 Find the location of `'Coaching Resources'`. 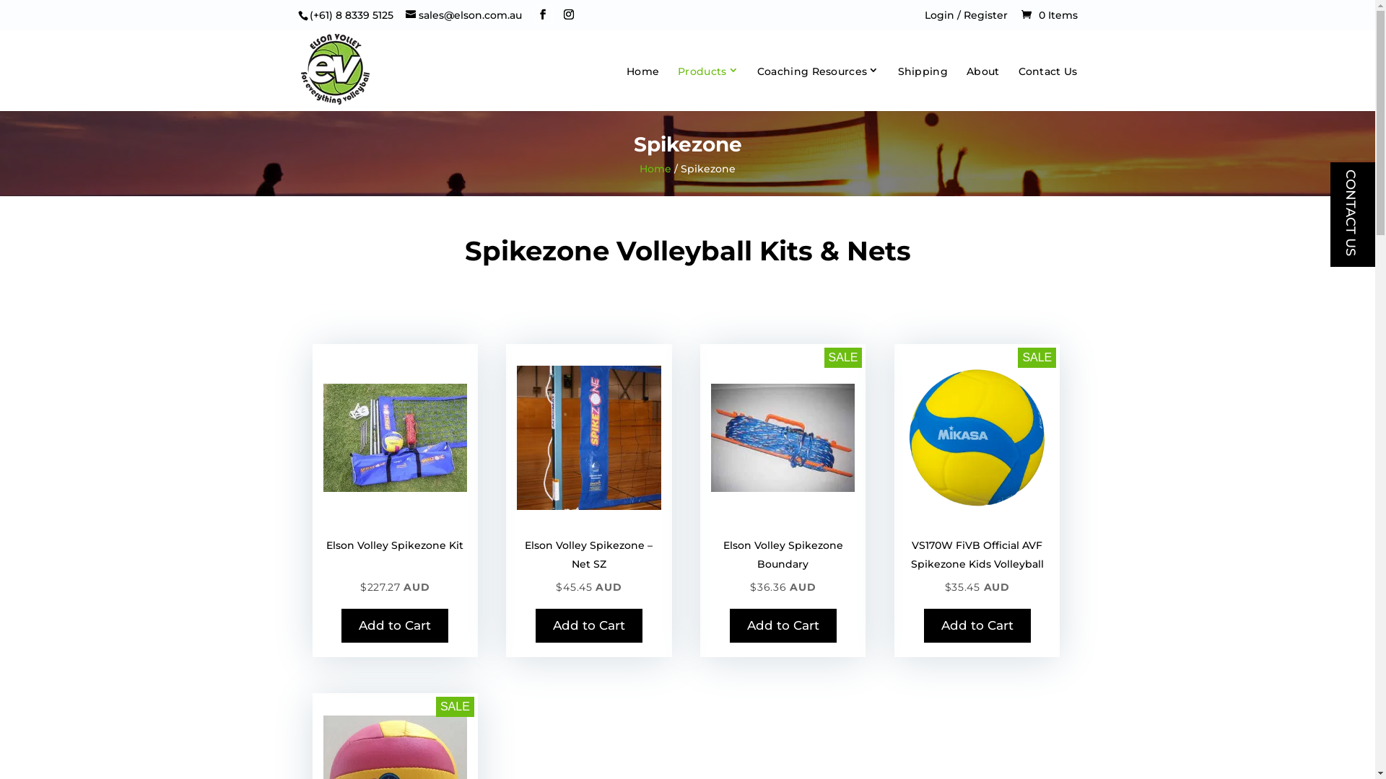

'Coaching Resources' is located at coordinates (818, 86).